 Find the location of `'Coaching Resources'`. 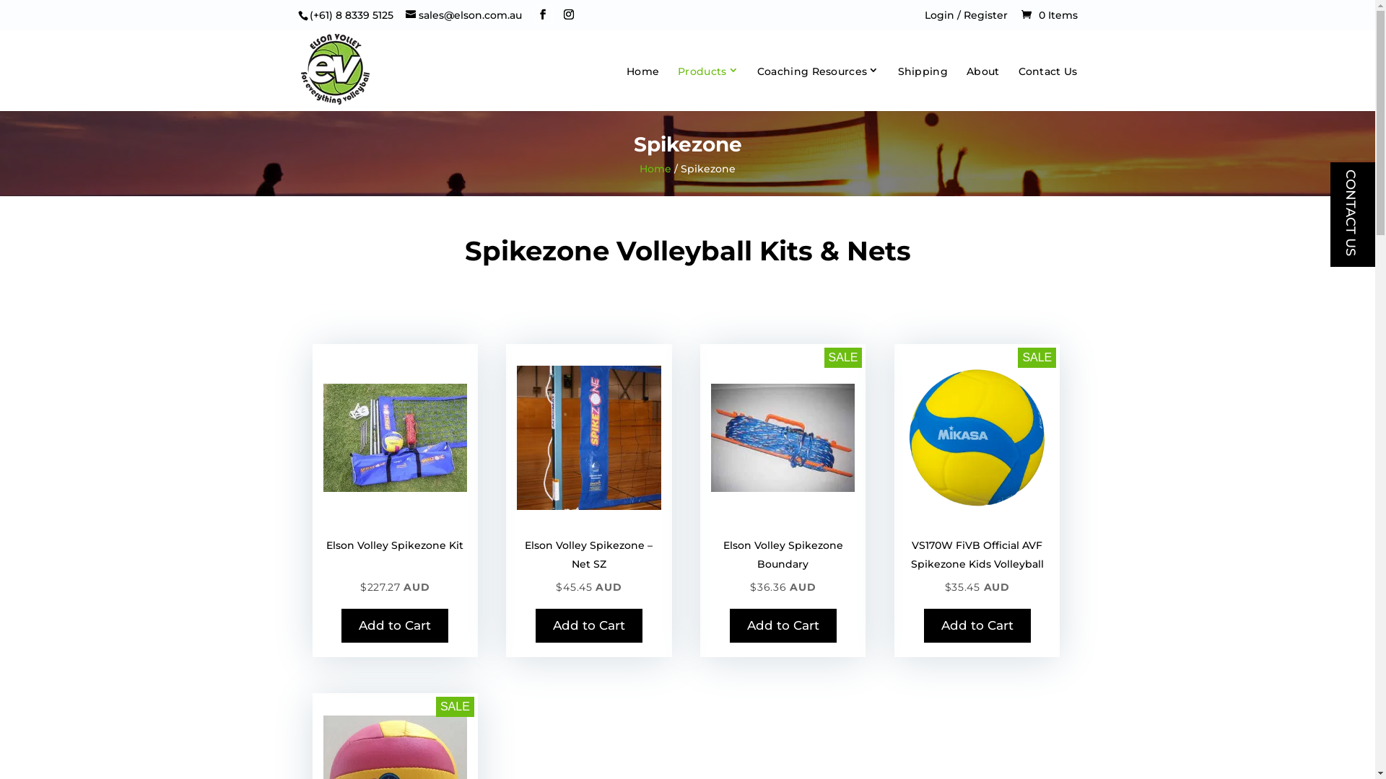

'Coaching Resources' is located at coordinates (818, 86).